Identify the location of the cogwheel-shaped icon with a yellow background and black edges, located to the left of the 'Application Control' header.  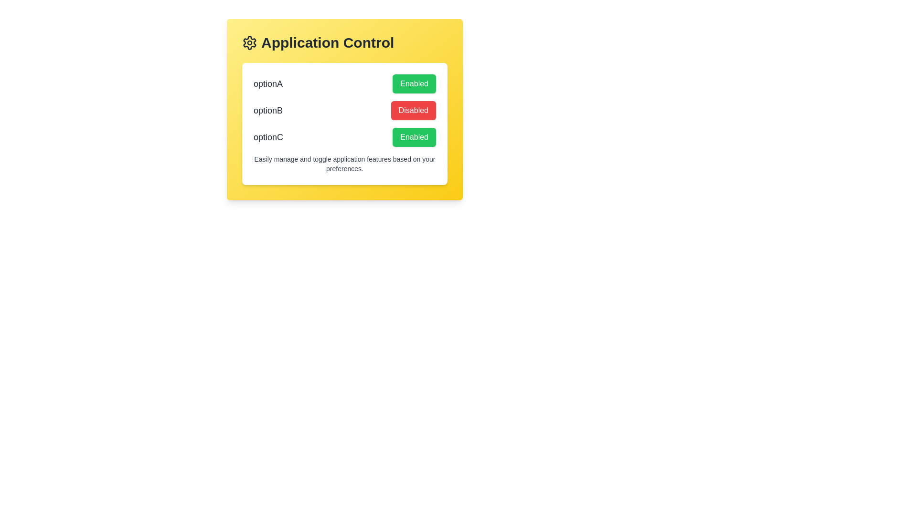
(250, 42).